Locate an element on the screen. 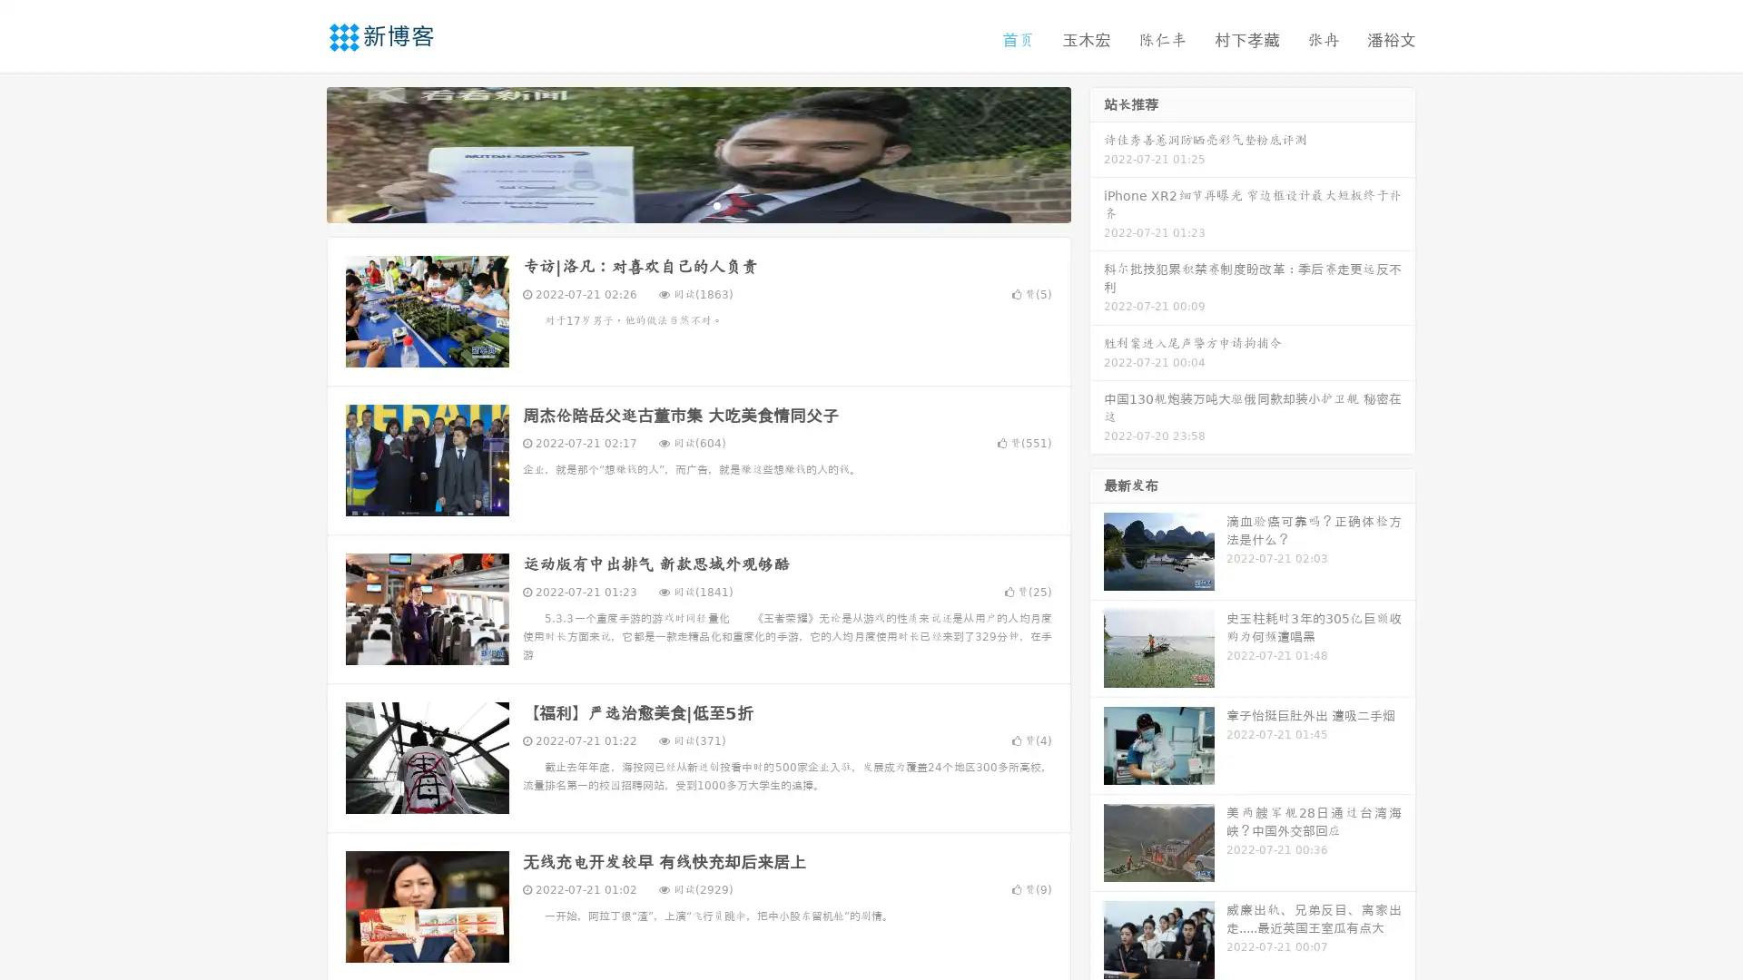 Image resolution: width=1743 pixels, height=980 pixels. Previous slide is located at coordinates (300, 152).